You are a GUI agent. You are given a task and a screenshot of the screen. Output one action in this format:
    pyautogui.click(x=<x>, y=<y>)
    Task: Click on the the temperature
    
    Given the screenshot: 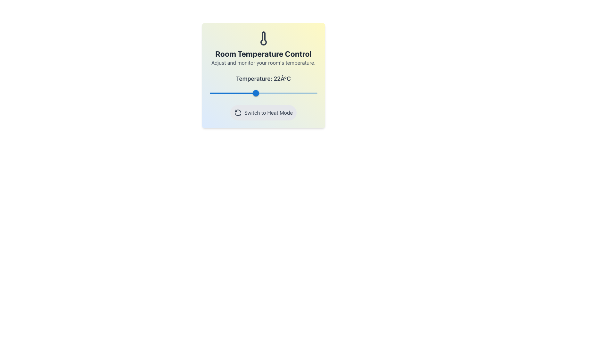 What is the action you would take?
    pyautogui.click(x=254, y=93)
    